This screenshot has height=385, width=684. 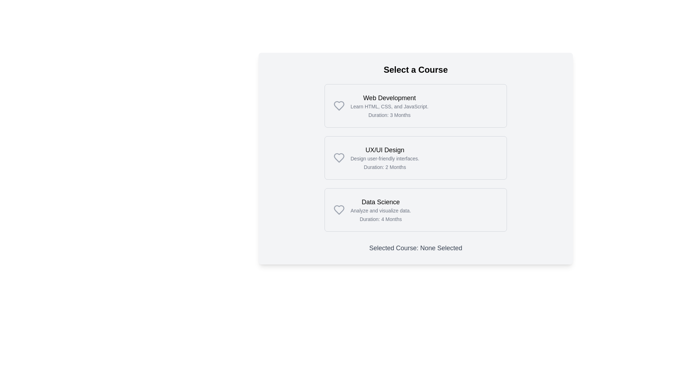 I want to click on the static text label that communicates the duration of the 'Data Science' course, which indicates that the course lasts for four months, so click(x=380, y=219).